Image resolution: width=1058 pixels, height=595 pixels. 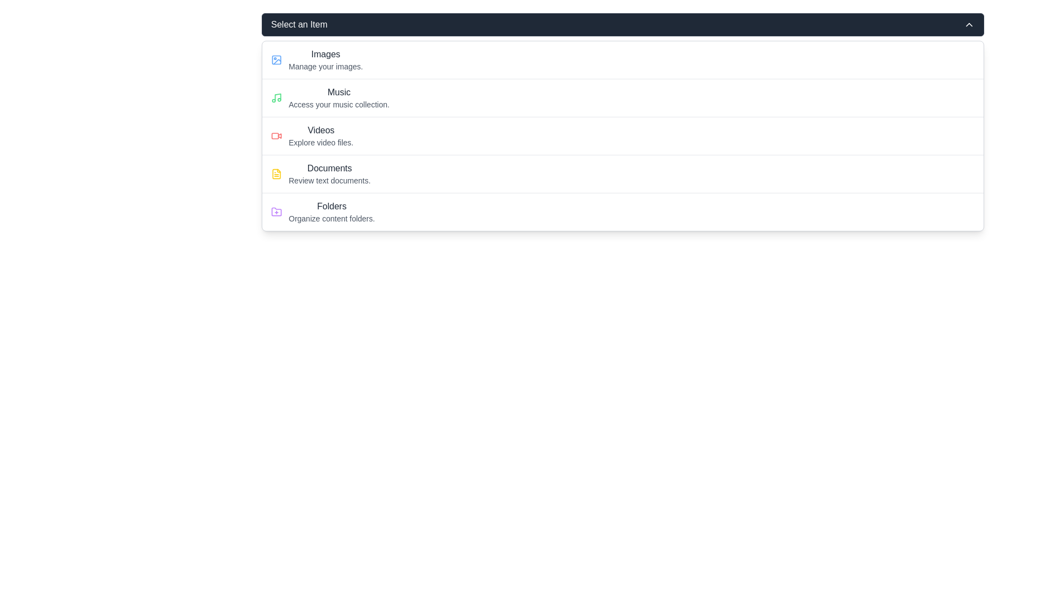 I want to click on the rectangular graphical component with rounded corners inside the video camera icon associated with the 'Videos' option, so click(x=275, y=135).